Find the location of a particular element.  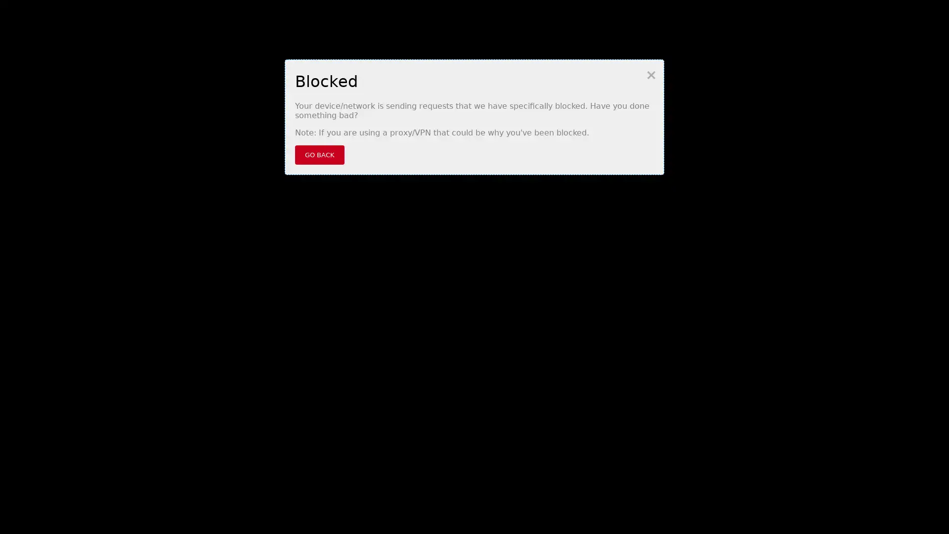

GO BACK is located at coordinates (320, 155).